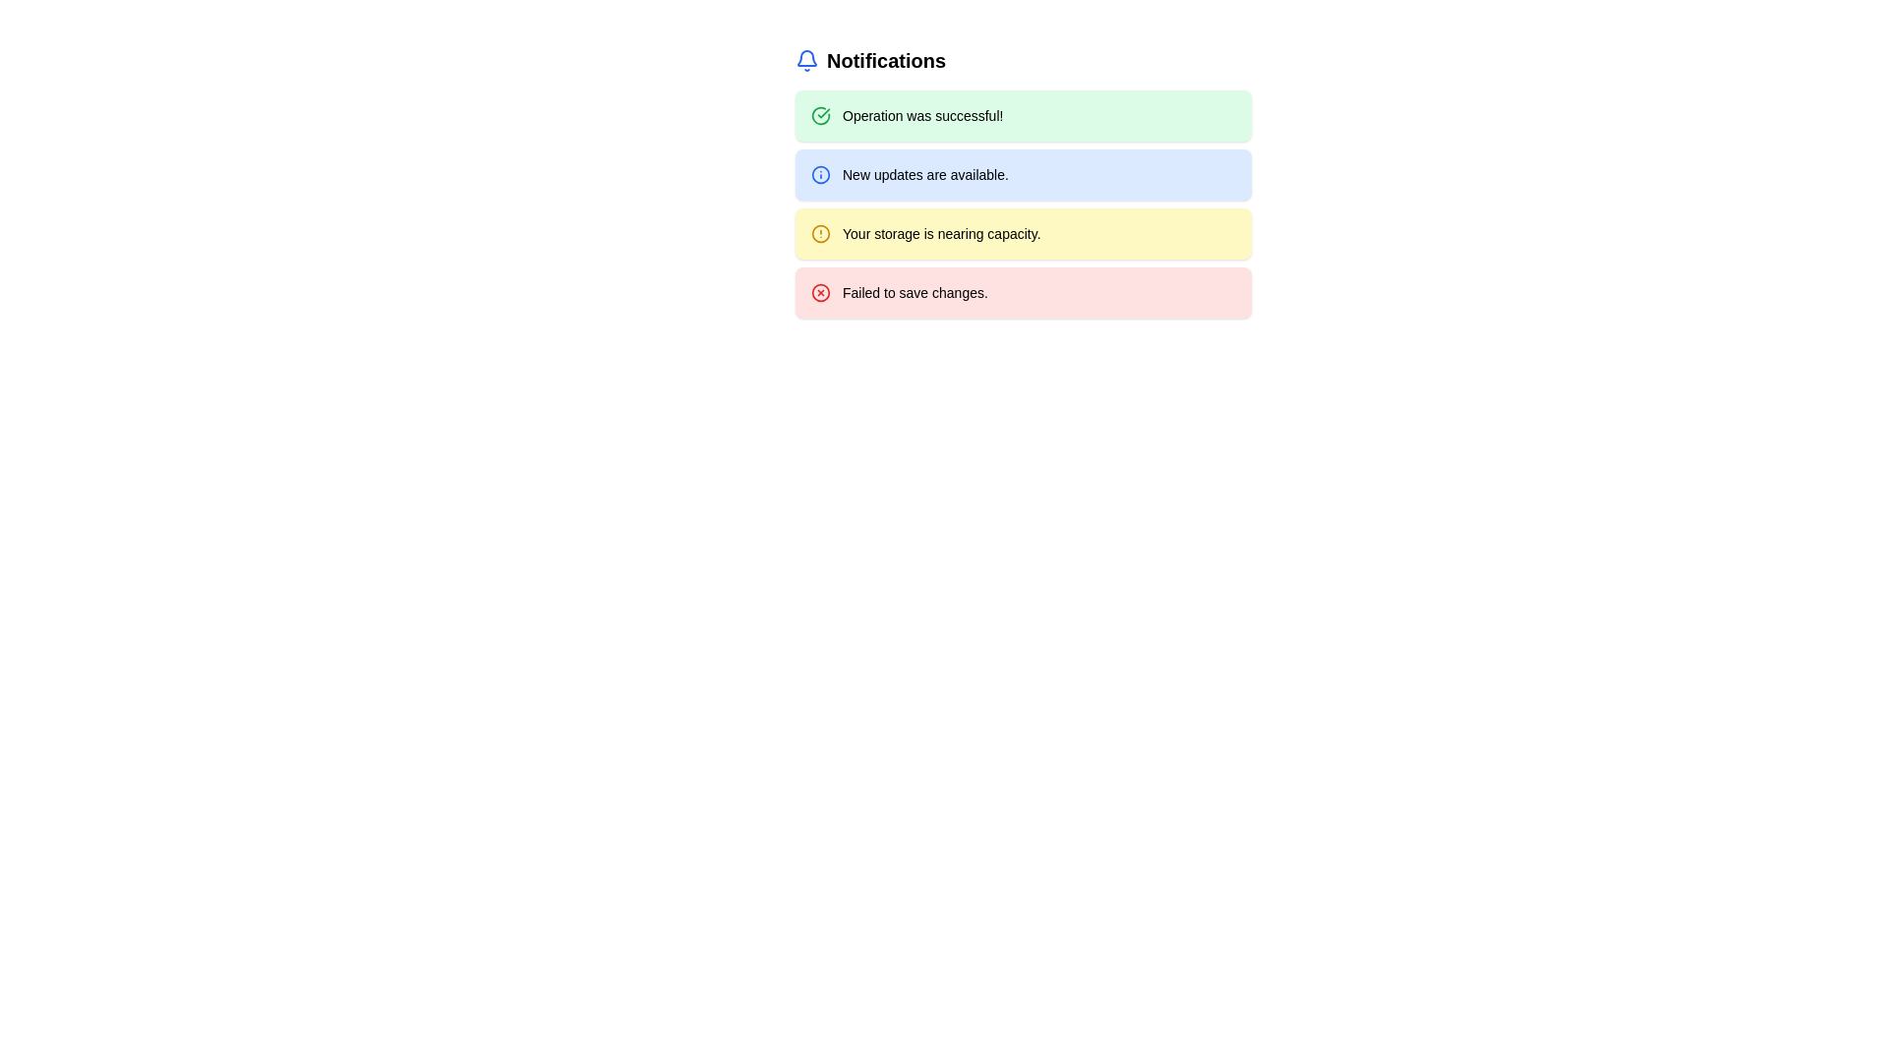 The height and width of the screenshot is (1062, 1888). I want to click on warning notification text displayed in the third position of the vertically stacked notification list, which indicates that storage capacity is nearing its limit, so click(1023, 233).